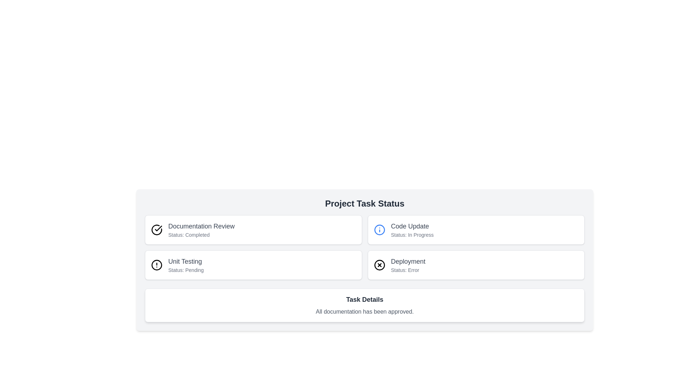 The width and height of the screenshot is (689, 388). I want to click on the Text Label that indicates the task name 'Code Update' and its current status 'In Progress', located within the 'Project Task Status' group, so click(412, 230).